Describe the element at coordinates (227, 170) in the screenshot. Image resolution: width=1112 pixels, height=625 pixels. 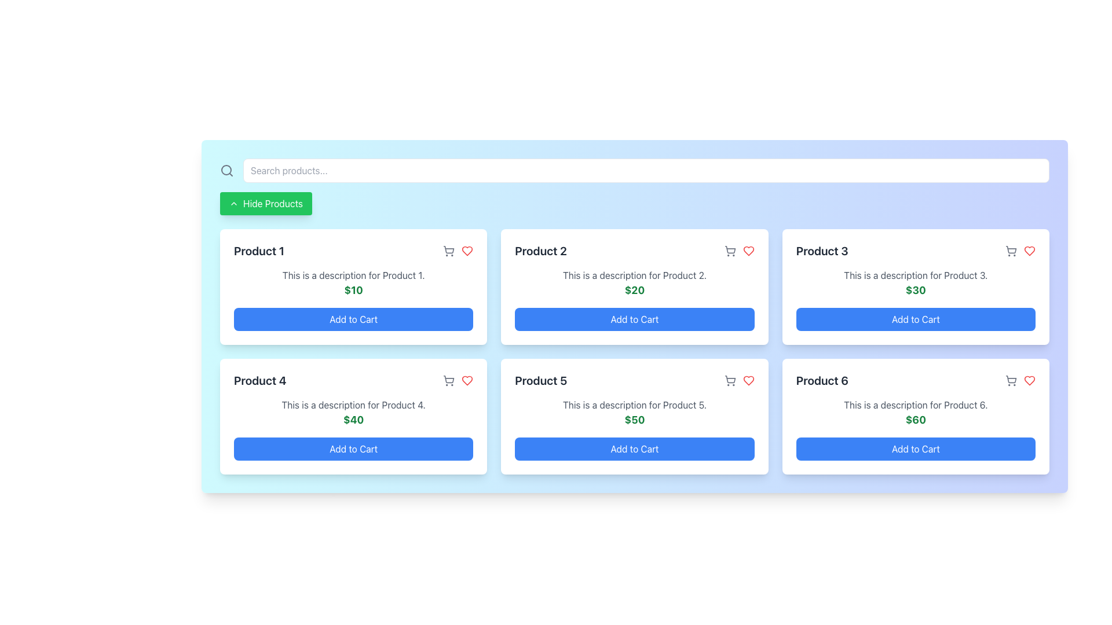
I see `the Icon Button located to the left of the 'Search products...' input box, which serves as a search trigger or visual indicator` at that location.